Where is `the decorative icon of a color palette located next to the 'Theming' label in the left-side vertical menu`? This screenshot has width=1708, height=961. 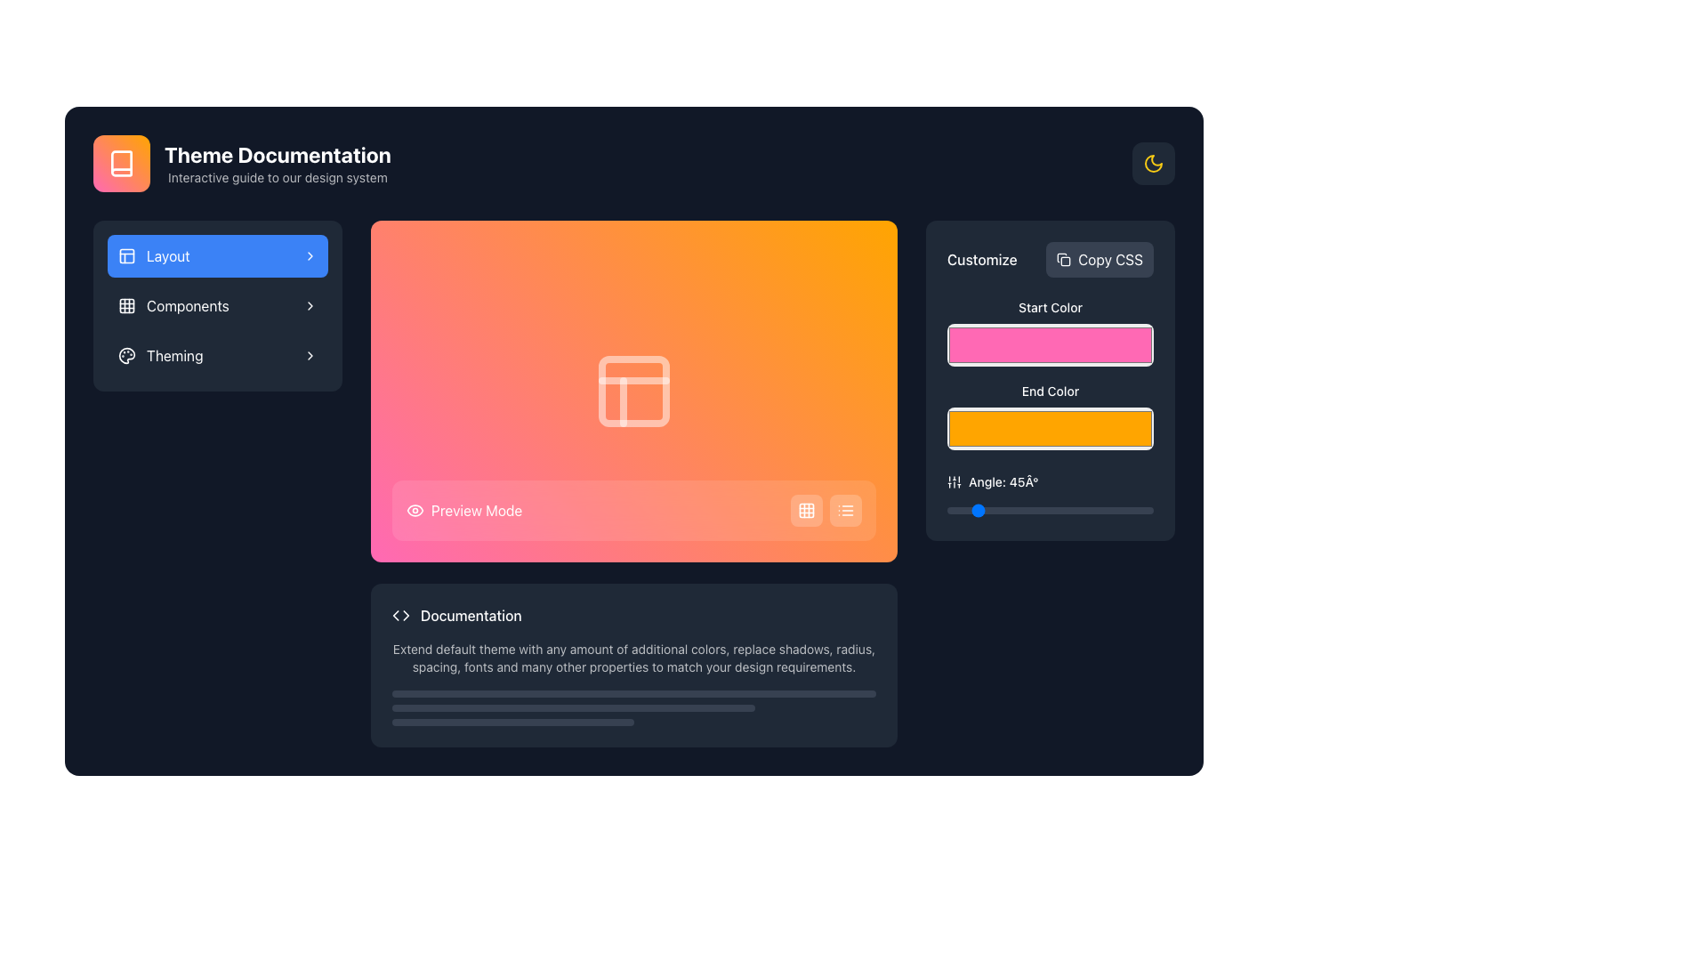
the decorative icon of a color palette located next to the 'Theming' label in the left-side vertical menu is located at coordinates (126, 356).